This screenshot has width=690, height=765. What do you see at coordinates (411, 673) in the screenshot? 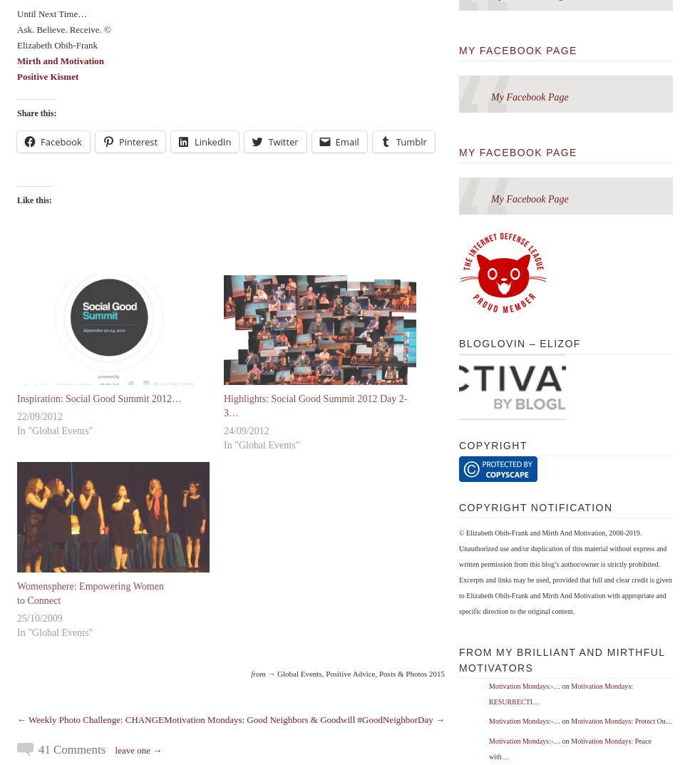
I see `'Posts & Photos 2015'` at bounding box center [411, 673].